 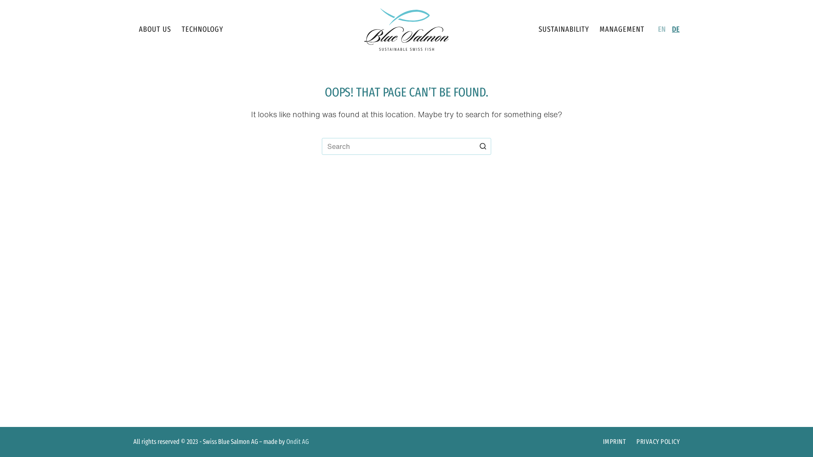 What do you see at coordinates (202, 29) in the screenshot?
I see `'TECHNOLOGY'` at bounding box center [202, 29].